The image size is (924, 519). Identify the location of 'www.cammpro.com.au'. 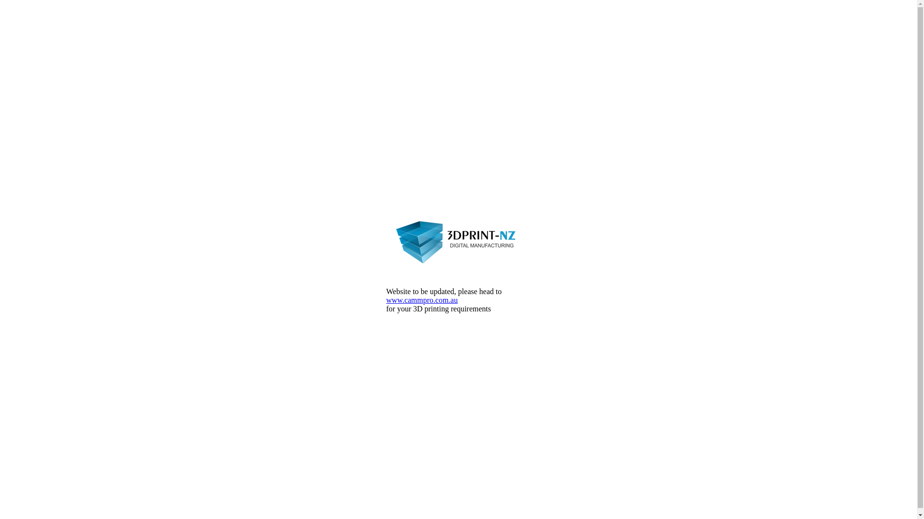
(422, 299).